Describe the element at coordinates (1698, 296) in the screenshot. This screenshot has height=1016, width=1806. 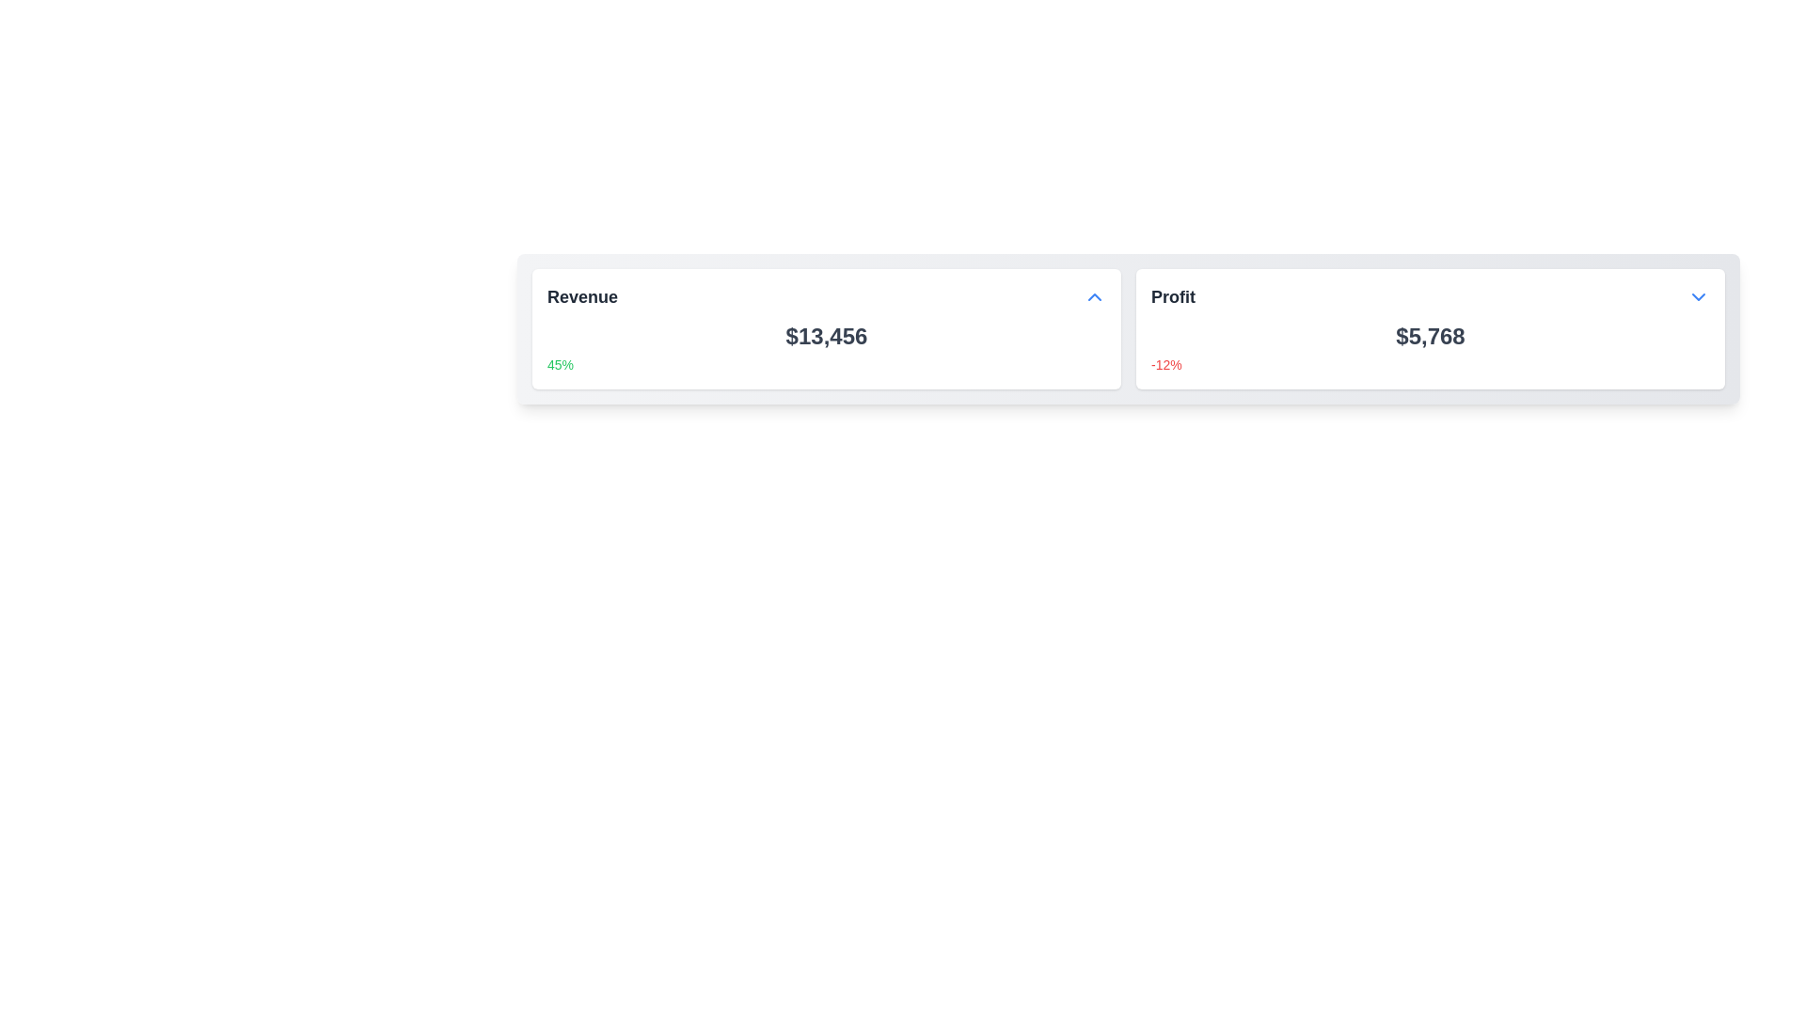
I see `the downward-pointing chevron icon in the 'Profit' section` at that location.